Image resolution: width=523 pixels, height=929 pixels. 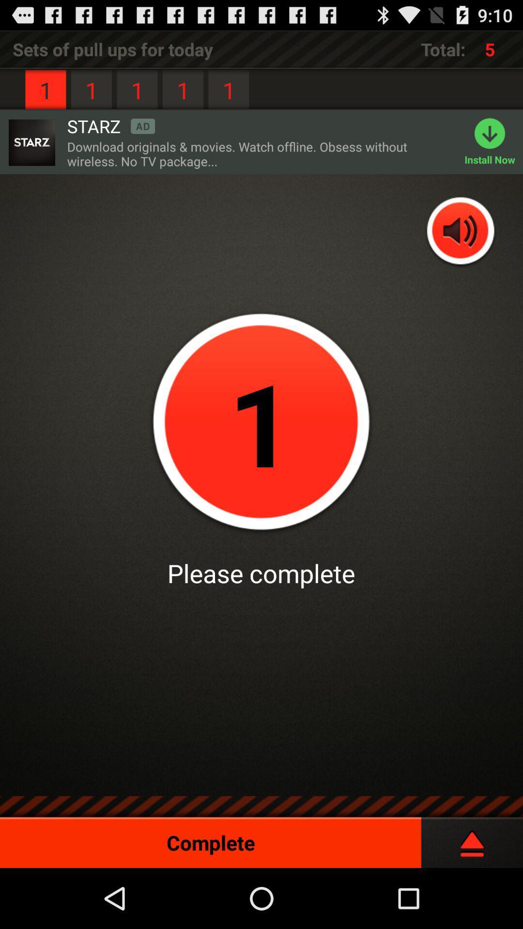 I want to click on the app to the left of the starz icon, so click(x=31, y=142).